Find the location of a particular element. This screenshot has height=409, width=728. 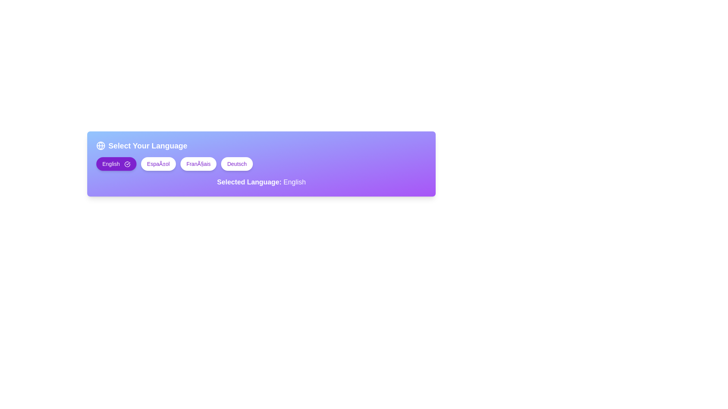

the 'Español' button, which is the second button in the horizontal list of language options, to observe the hover effect is located at coordinates (158, 163).